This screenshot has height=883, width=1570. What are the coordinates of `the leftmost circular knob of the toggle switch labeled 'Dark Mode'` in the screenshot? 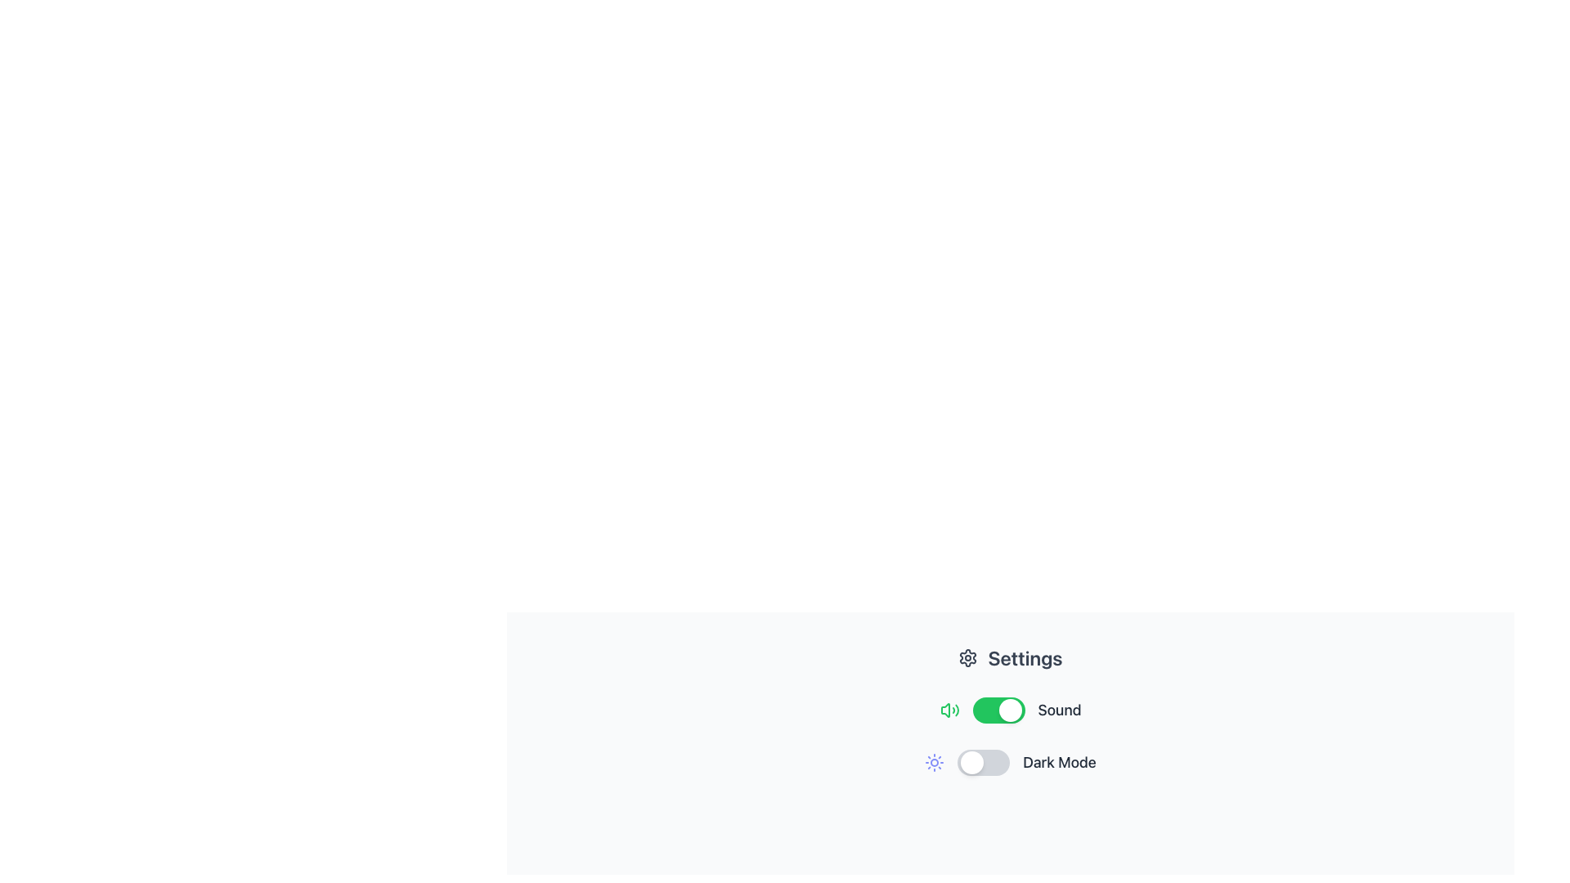 It's located at (972, 763).